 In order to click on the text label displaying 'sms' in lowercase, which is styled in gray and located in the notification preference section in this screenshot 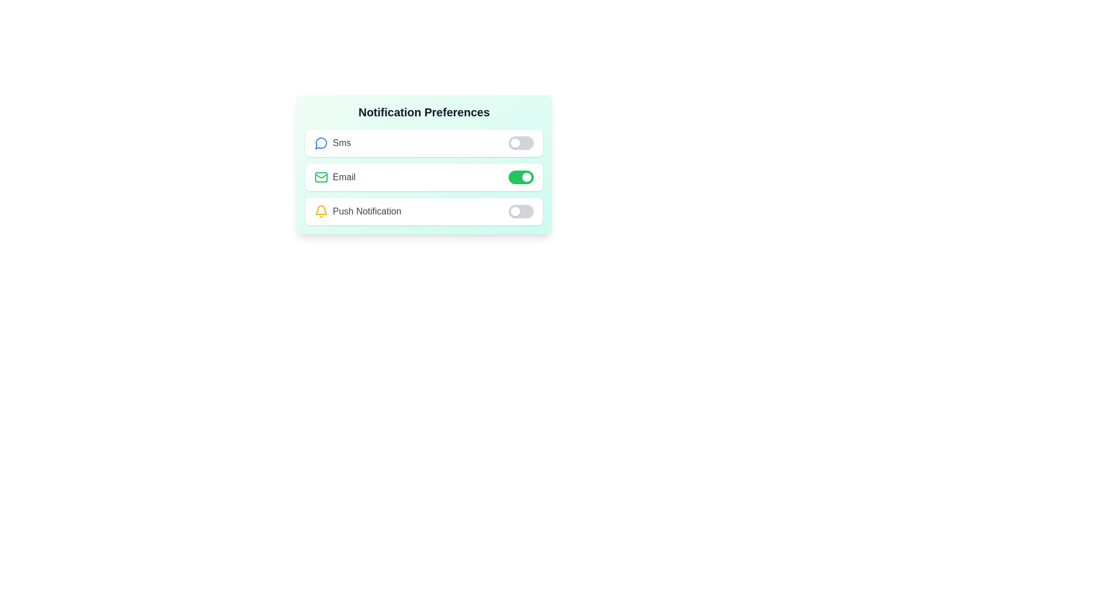, I will do `click(341, 142)`.